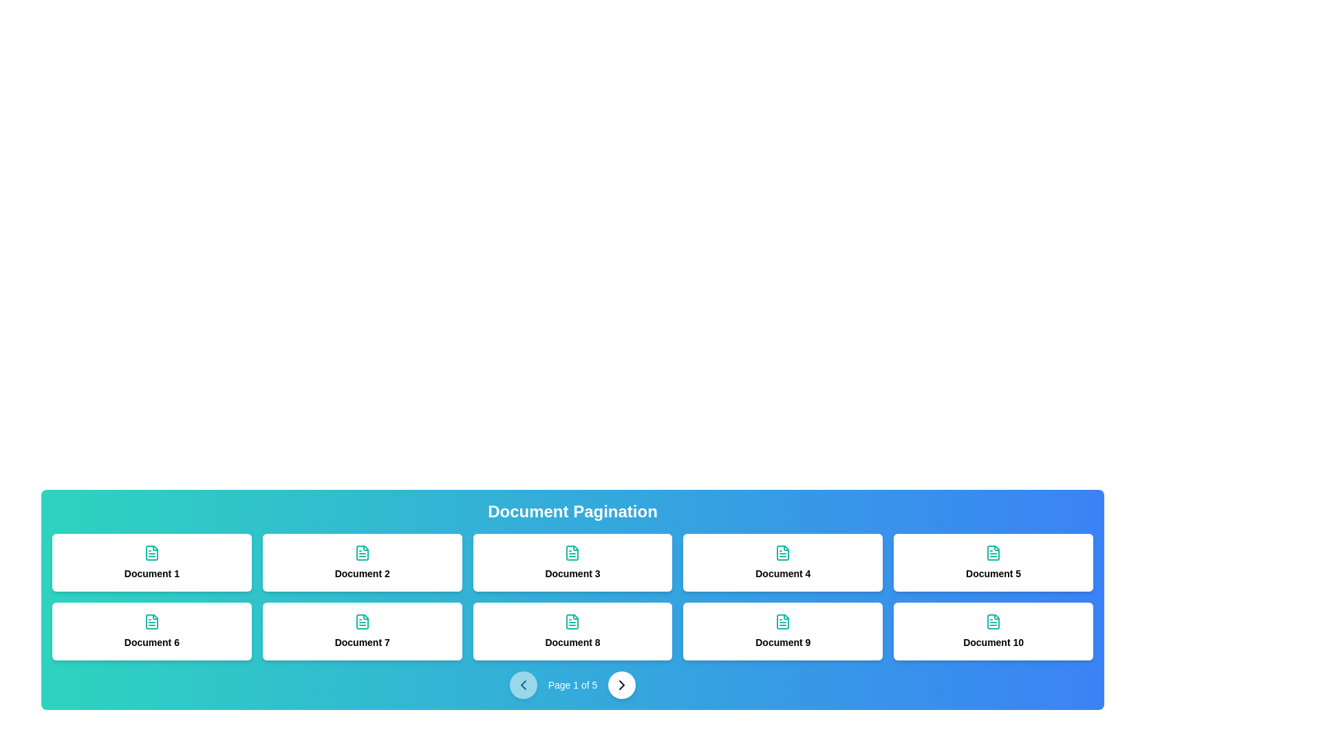 The image size is (1321, 743). What do you see at coordinates (522, 685) in the screenshot?
I see `the leftward chevron icon within the pagination control section` at bounding box center [522, 685].